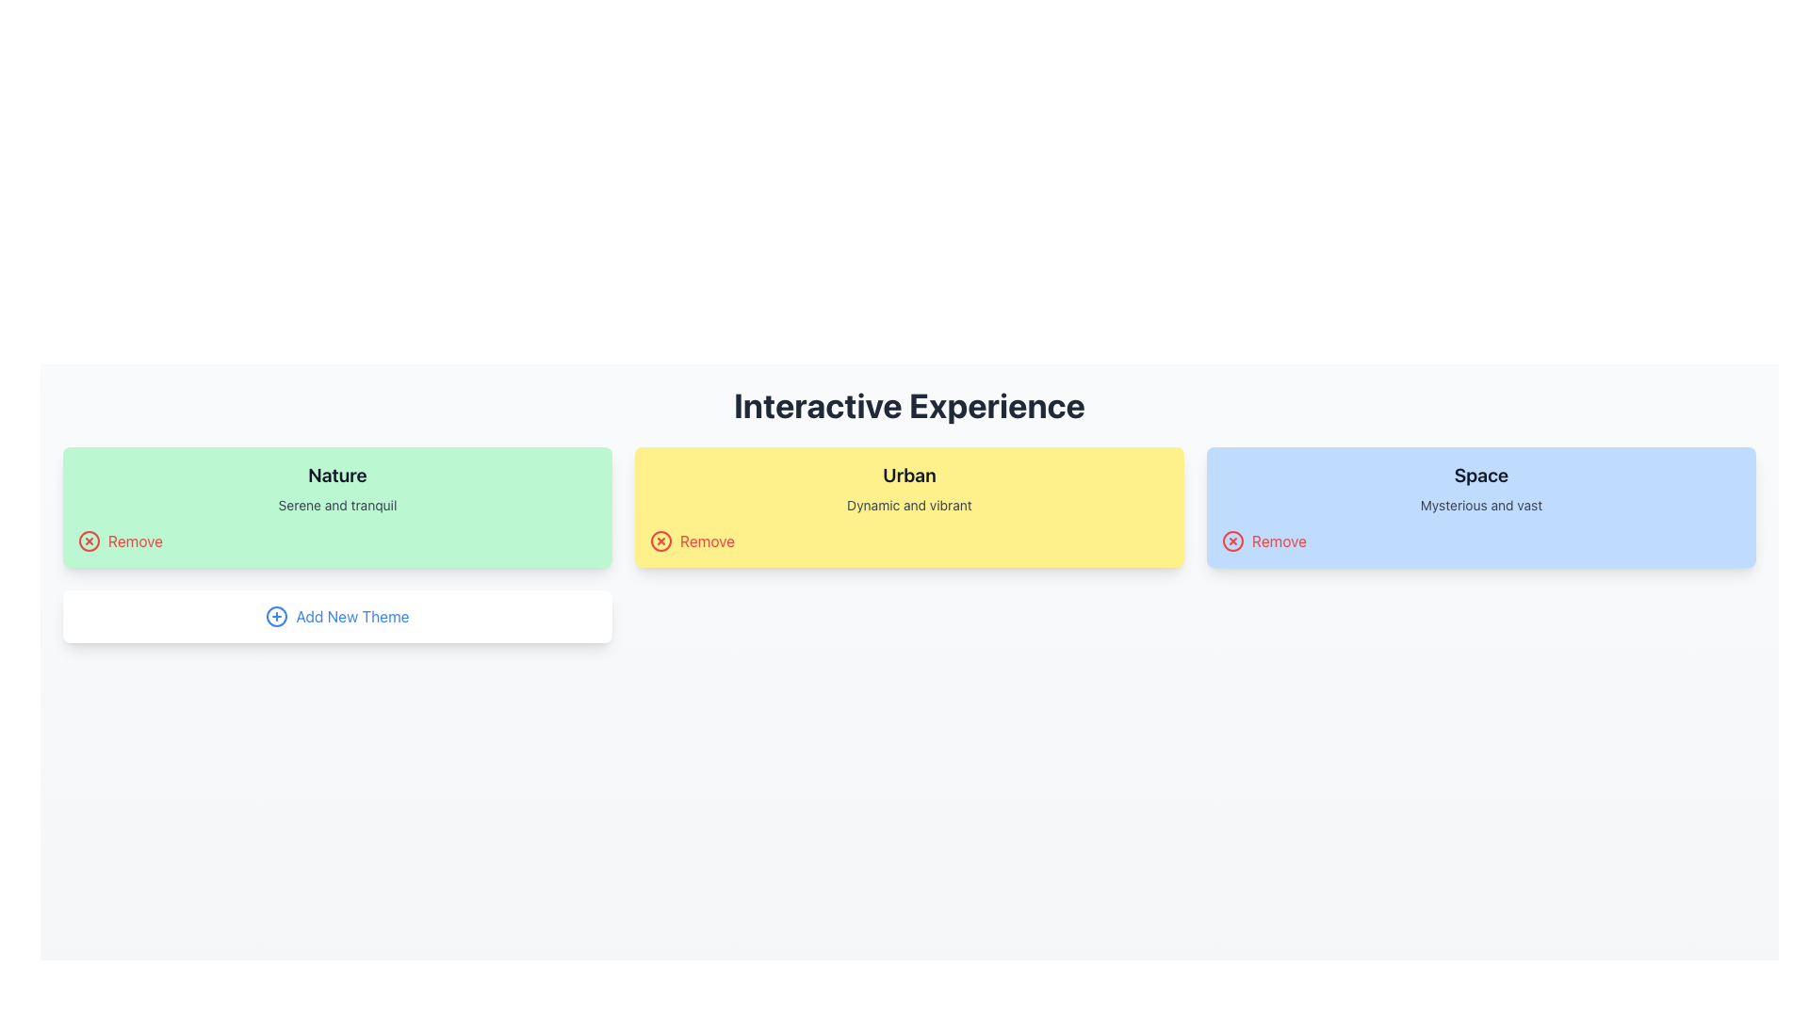 Image resolution: width=1809 pixels, height=1017 pixels. What do you see at coordinates (909, 405) in the screenshot?
I see `the heading text element that organizes the page and provides context for the content below, located at the top center of the view` at bounding box center [909, 405].